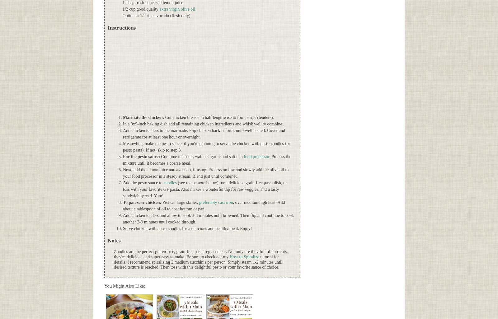 The image size is (498, 319). Describe the element at coordinates (159, 157) in the screenshot. I see `'Combine the basil, walnuts, garlic and salt in a'` at that location.